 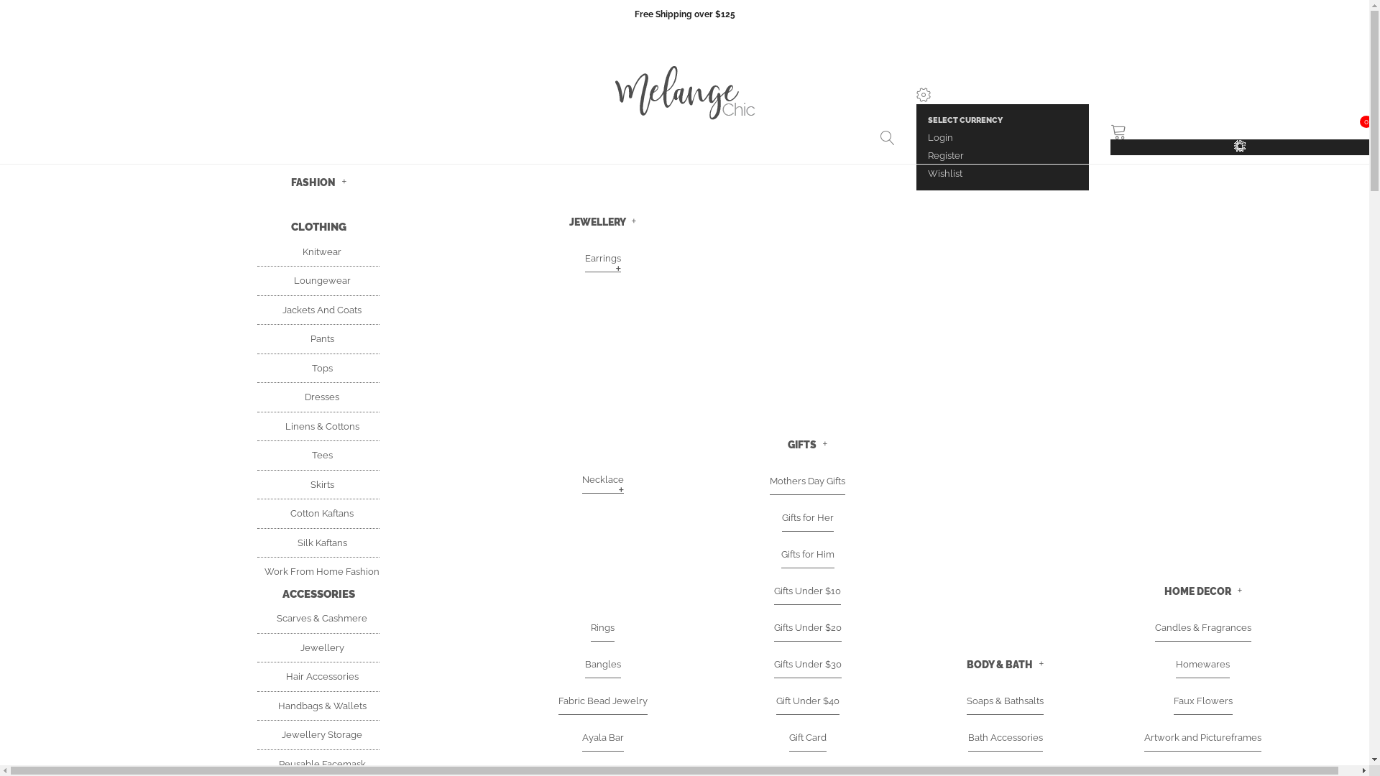 What do you see at coordinates (602, 700) in the screenshot?
I see `'Fabric Bead Jewelry'` at bounding box center [602, 700].